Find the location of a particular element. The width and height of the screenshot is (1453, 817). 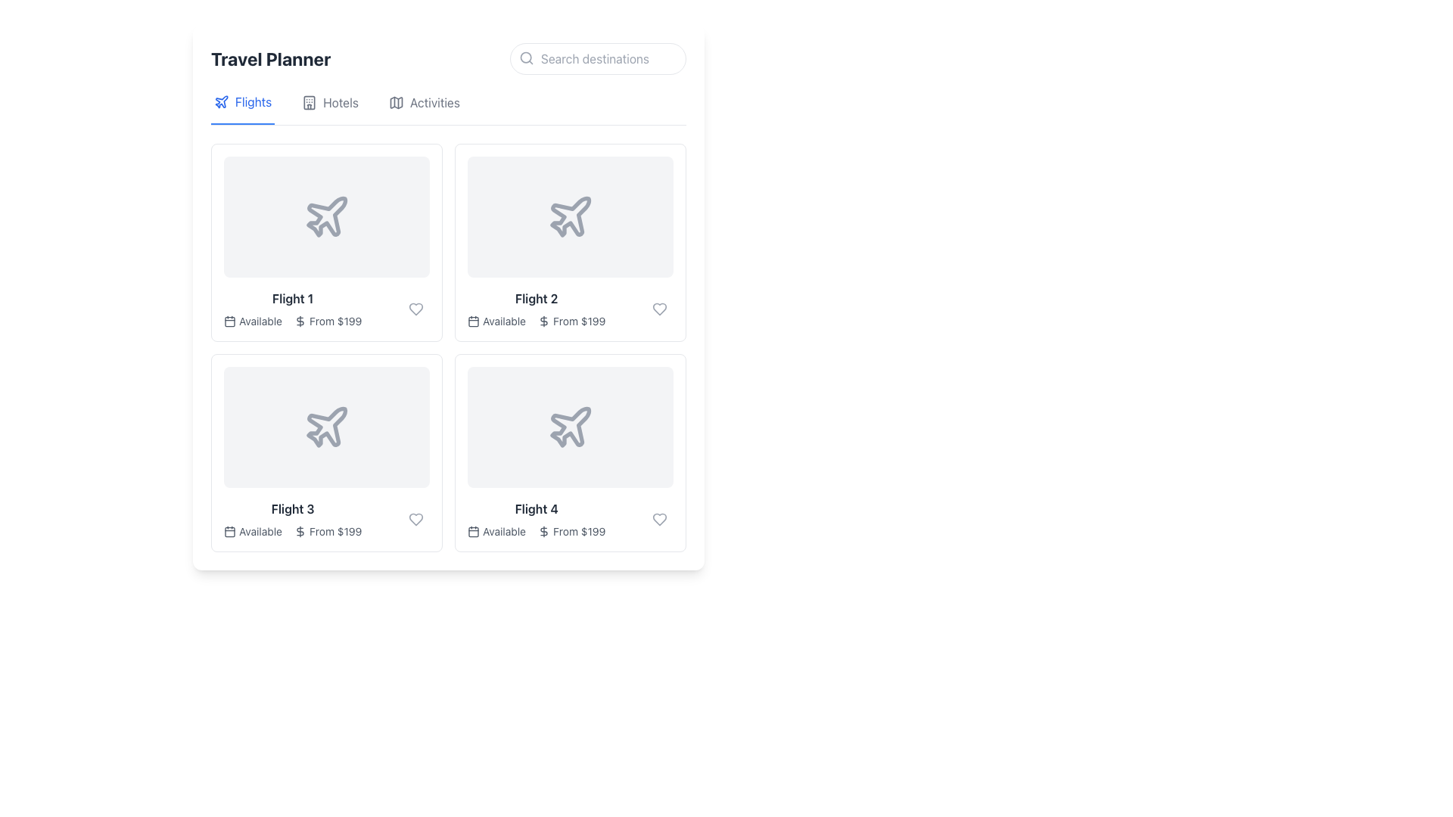

the second airplane icon in the 'Travel Planner' interface is located at coordinates (569, 216).